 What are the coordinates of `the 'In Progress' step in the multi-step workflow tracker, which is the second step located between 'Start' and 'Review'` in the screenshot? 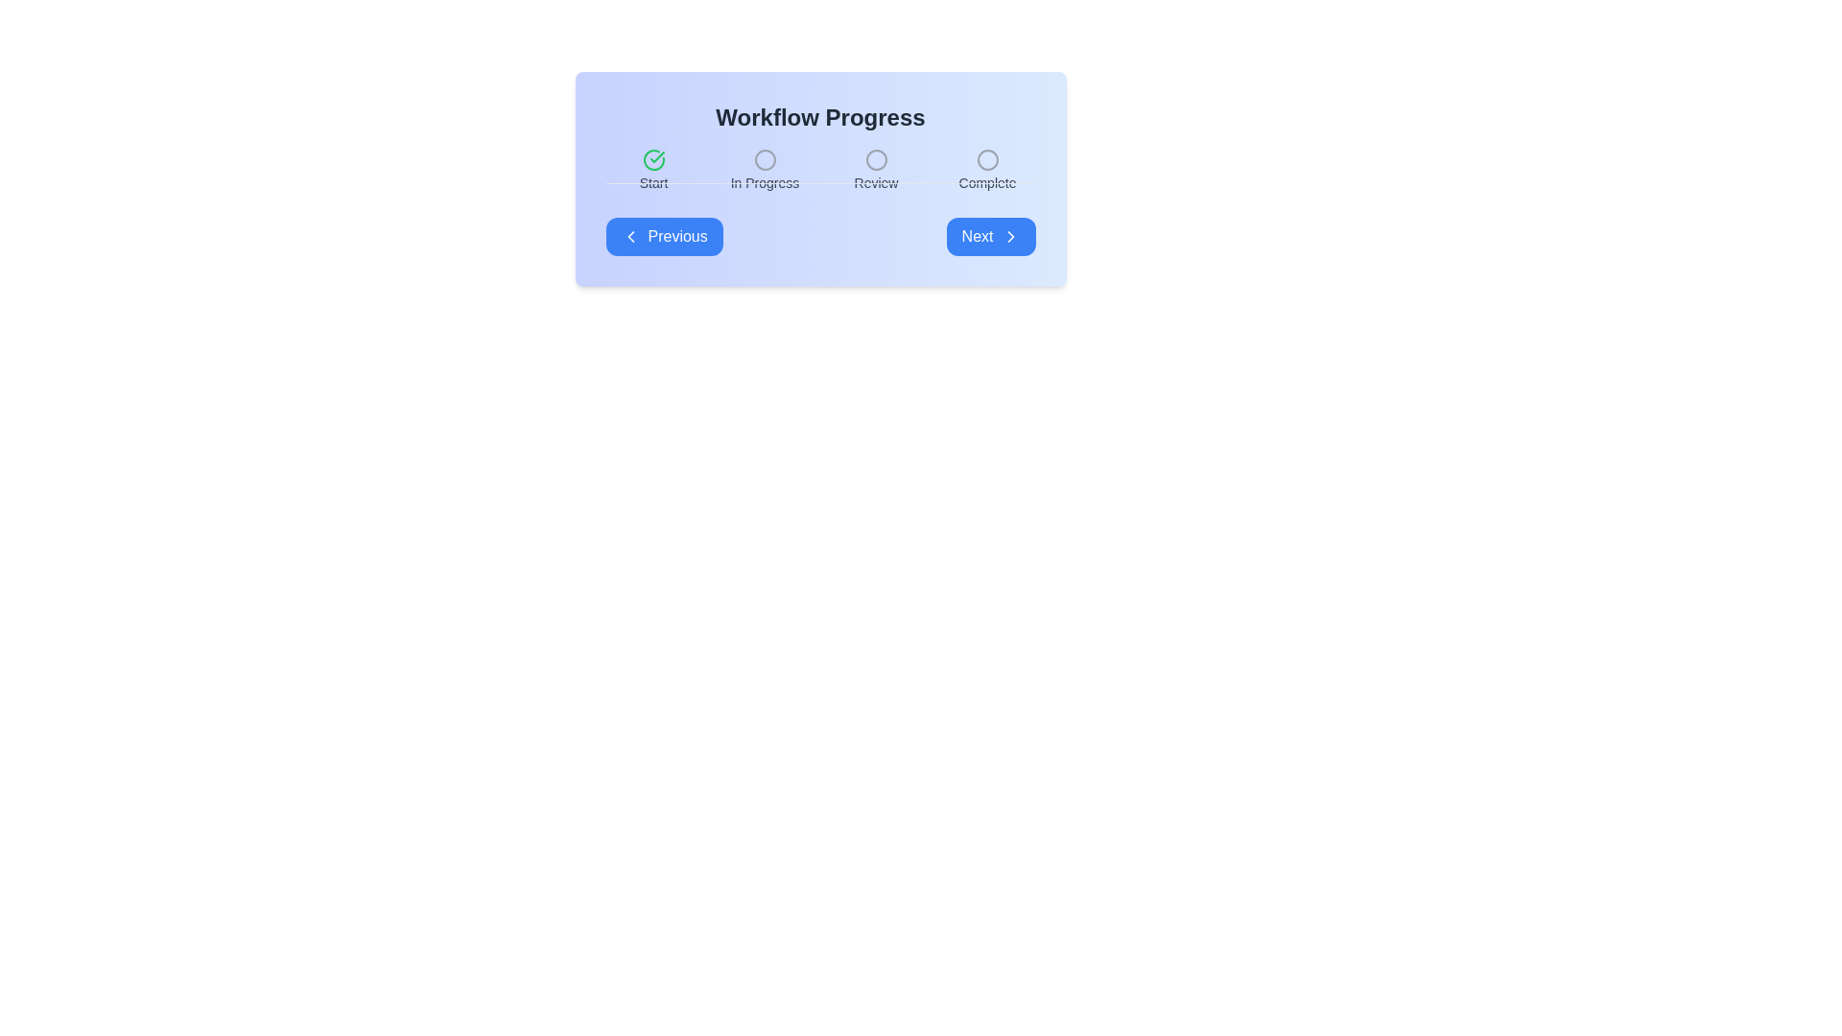 It's located at (764, 170).